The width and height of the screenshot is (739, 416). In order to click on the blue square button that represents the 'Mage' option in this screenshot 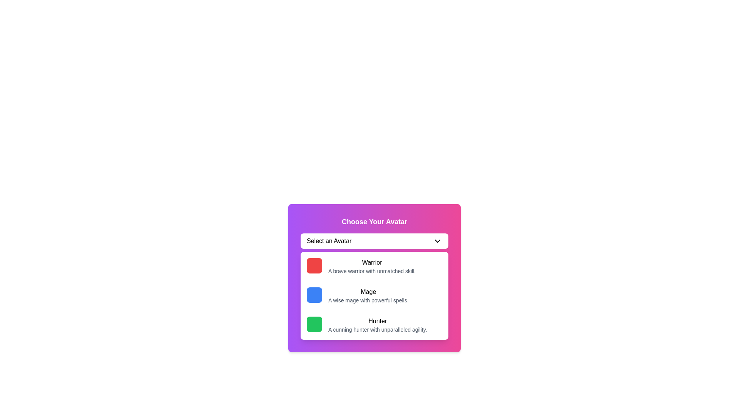, I will do `click(314, 295)`.